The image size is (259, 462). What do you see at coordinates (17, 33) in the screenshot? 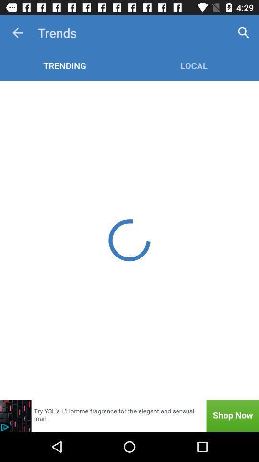
I see `the item to the left of the trends item` at bounding box center [17, 33].